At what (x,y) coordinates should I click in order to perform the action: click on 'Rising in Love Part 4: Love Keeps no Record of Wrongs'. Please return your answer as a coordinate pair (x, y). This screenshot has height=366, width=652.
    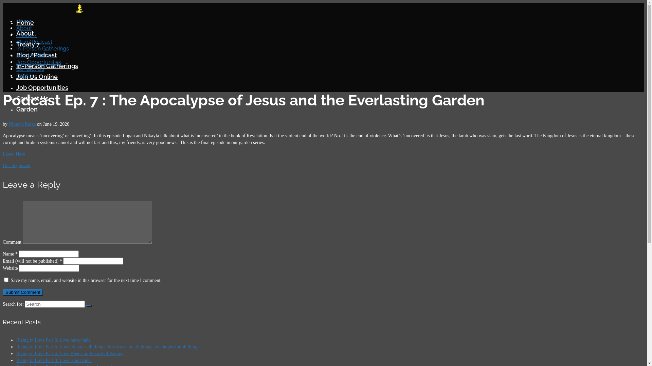
    Looking at the image, I should click on (70, 353).